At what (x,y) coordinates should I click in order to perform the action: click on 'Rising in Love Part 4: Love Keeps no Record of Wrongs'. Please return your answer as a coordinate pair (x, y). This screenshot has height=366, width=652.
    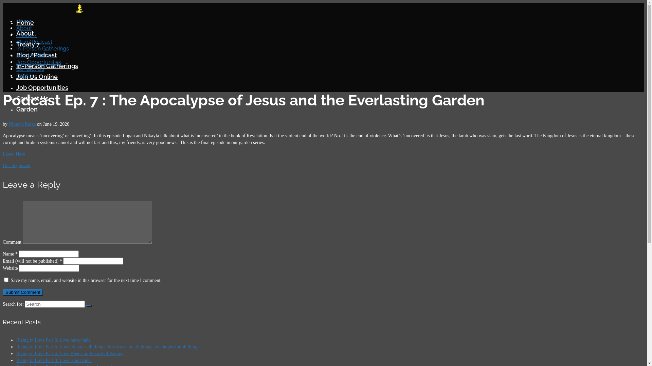
    Looking at the image, I should click on (70, 353).